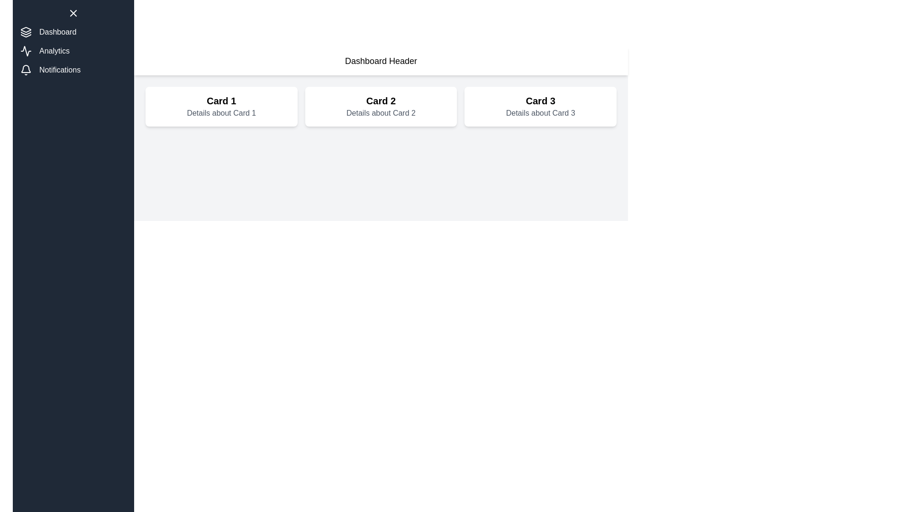 Image resolution: width=910 pixels, height=512 pixels. Describe the element at coordinates (381, 101) in the screenshot. I see `the bold text label 'Card 2' which is the title of the middle card in a group of three horizontally aligned cards` at that location.